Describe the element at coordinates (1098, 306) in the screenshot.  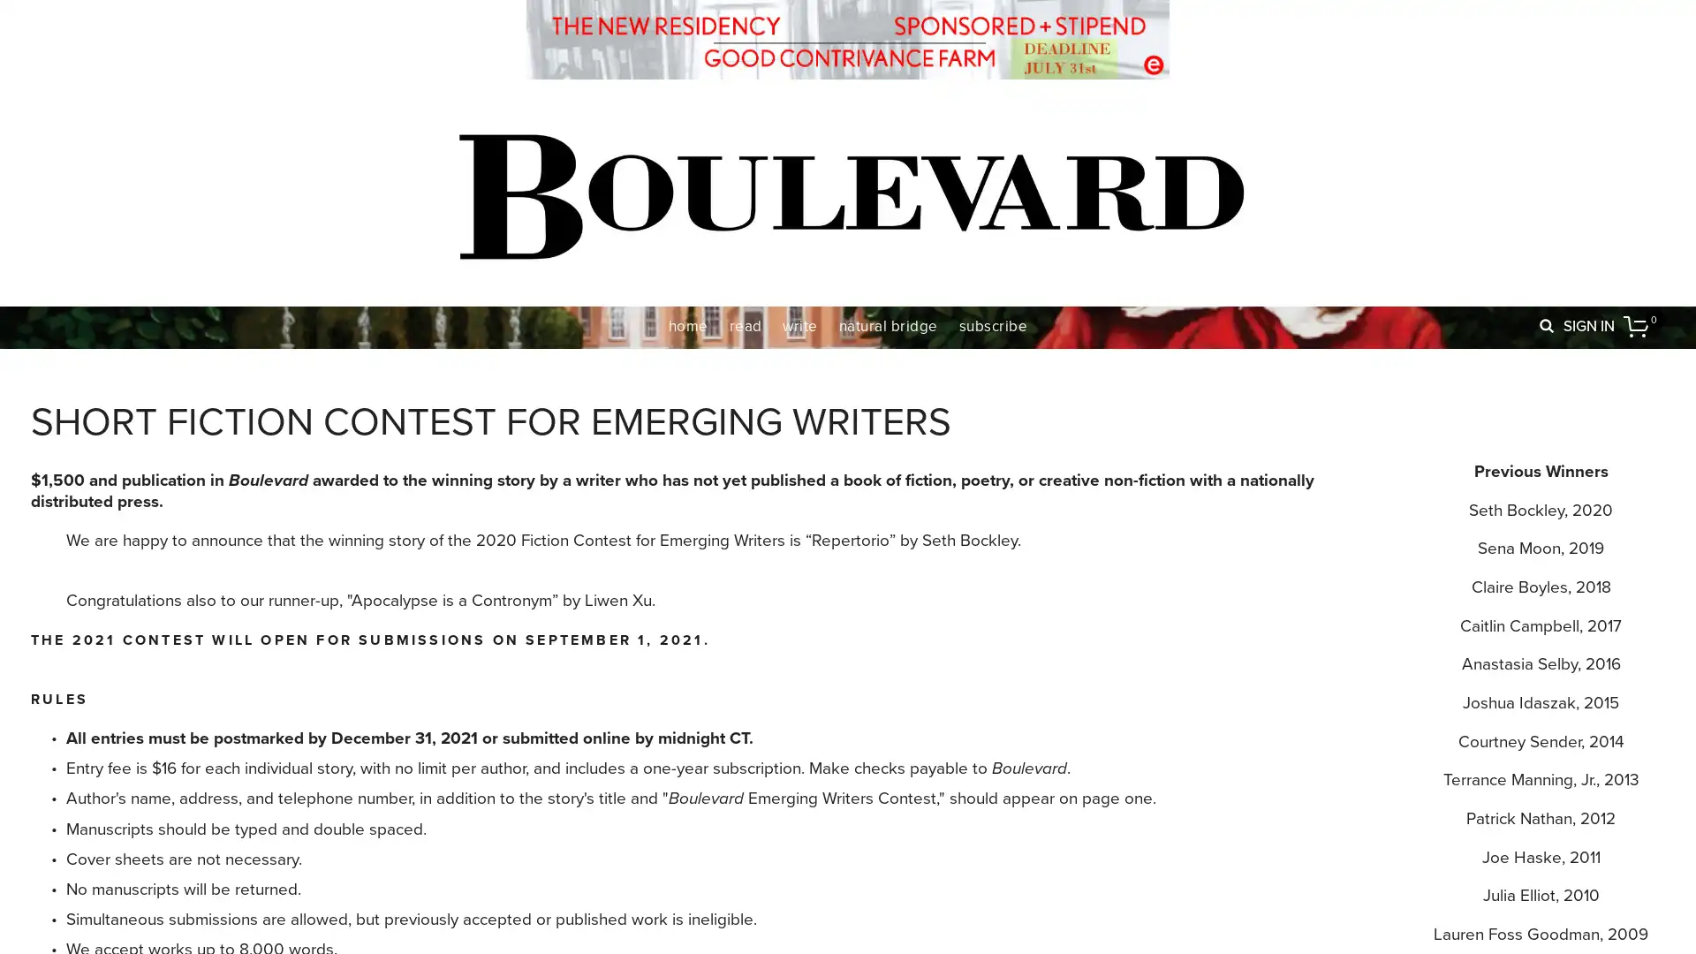
I see `Close` at that location.